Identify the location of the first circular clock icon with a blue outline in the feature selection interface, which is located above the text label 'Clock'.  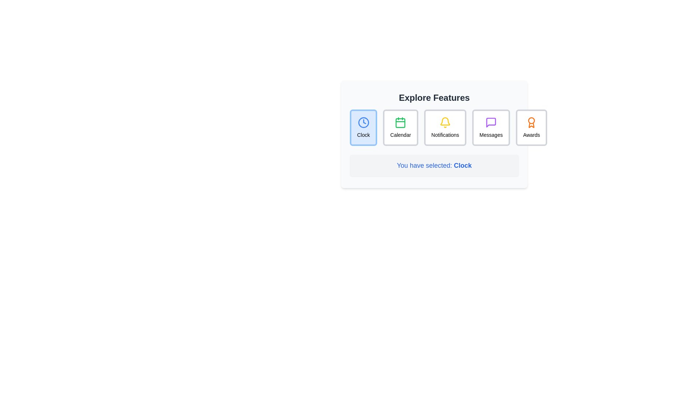
(363, 122).